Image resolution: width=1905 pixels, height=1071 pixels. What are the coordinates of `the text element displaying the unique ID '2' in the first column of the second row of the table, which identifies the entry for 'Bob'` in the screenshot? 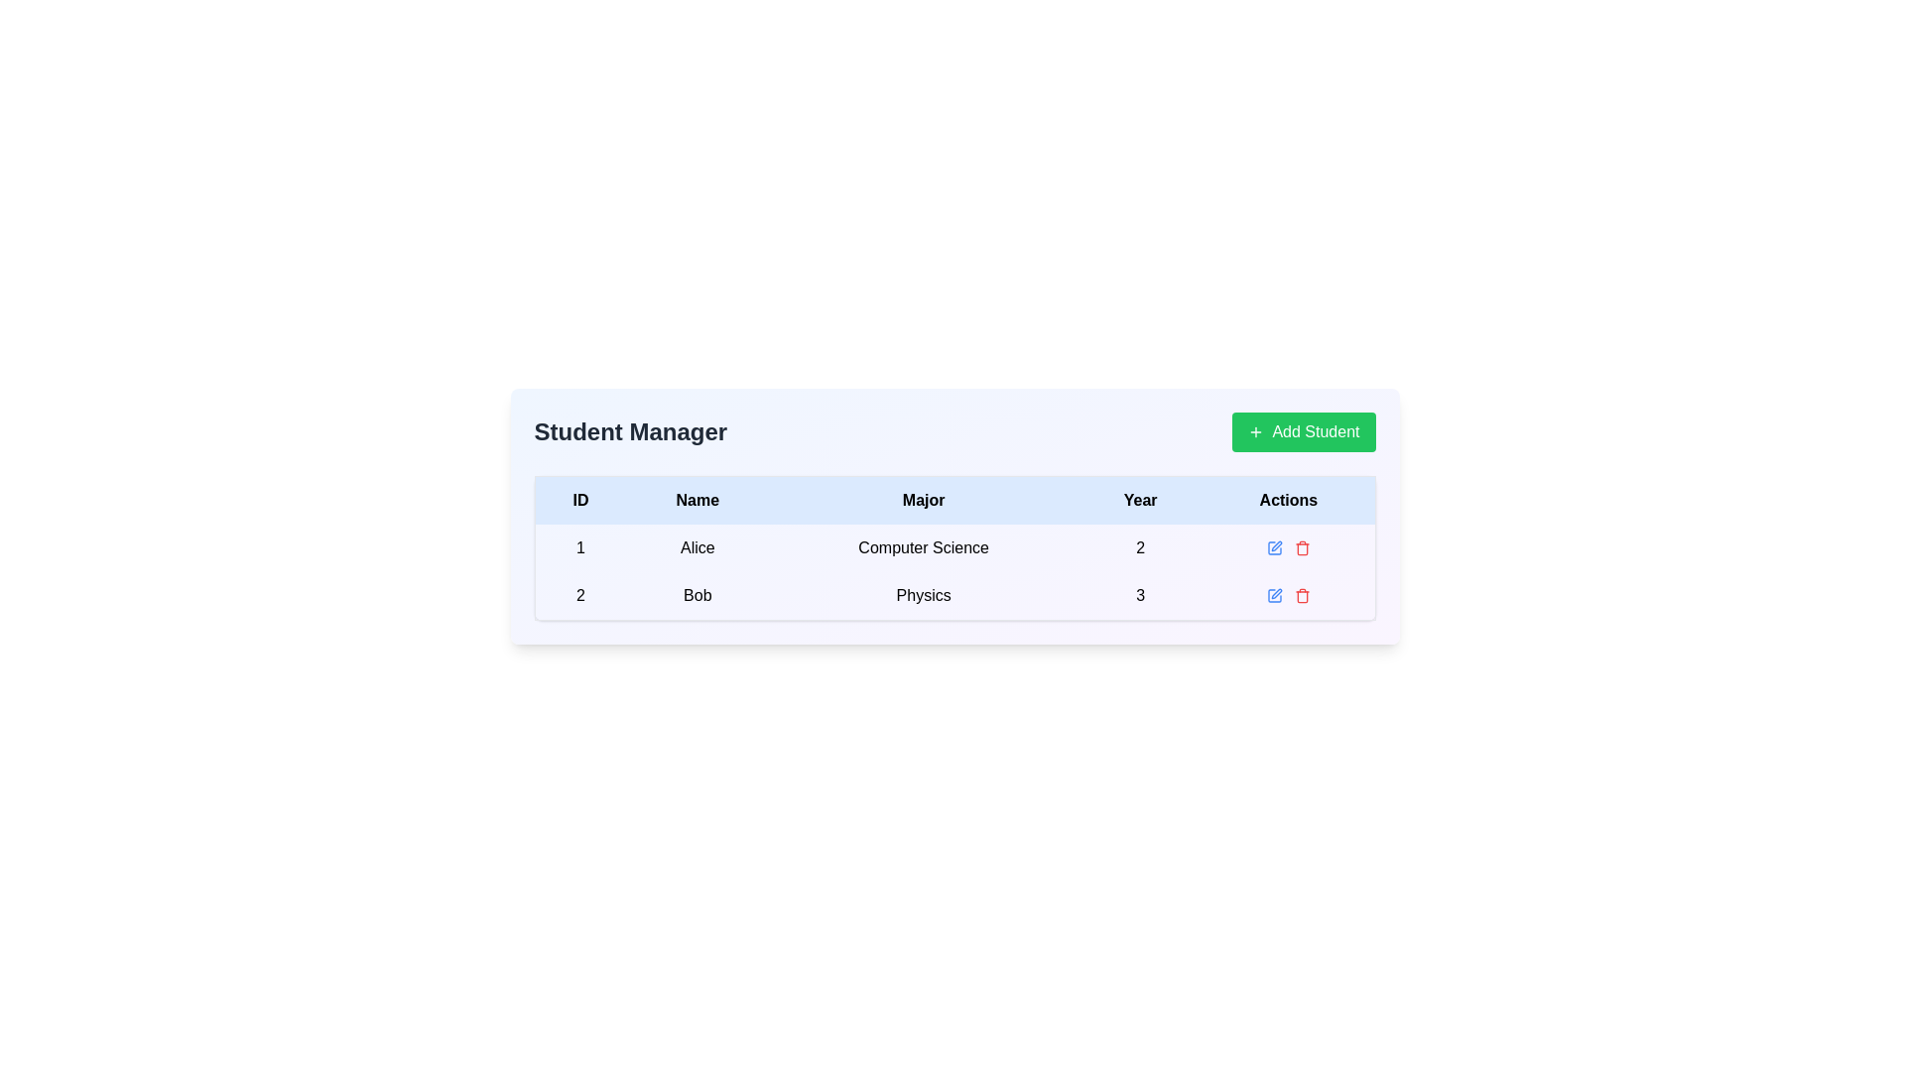 It's located at (579, 595).